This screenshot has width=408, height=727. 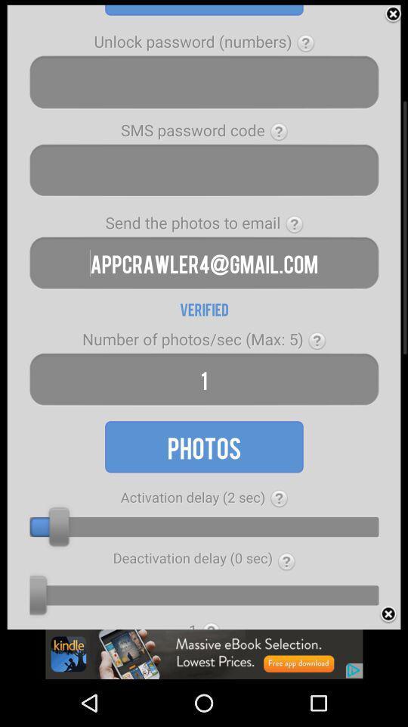 I want to click on option, so click(x=393, y=14).